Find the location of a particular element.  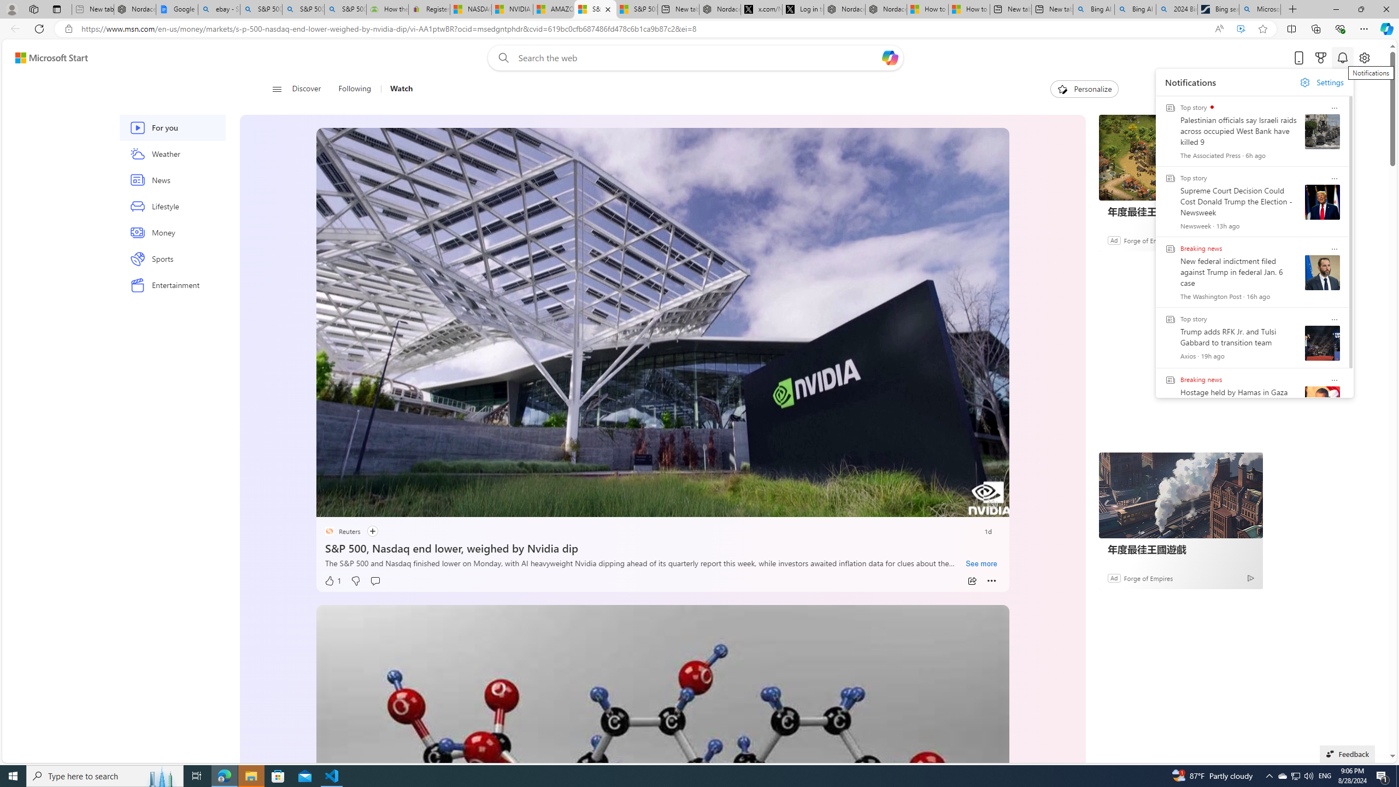

'Bing AI - Search' is located at coordinates (1135, 9).